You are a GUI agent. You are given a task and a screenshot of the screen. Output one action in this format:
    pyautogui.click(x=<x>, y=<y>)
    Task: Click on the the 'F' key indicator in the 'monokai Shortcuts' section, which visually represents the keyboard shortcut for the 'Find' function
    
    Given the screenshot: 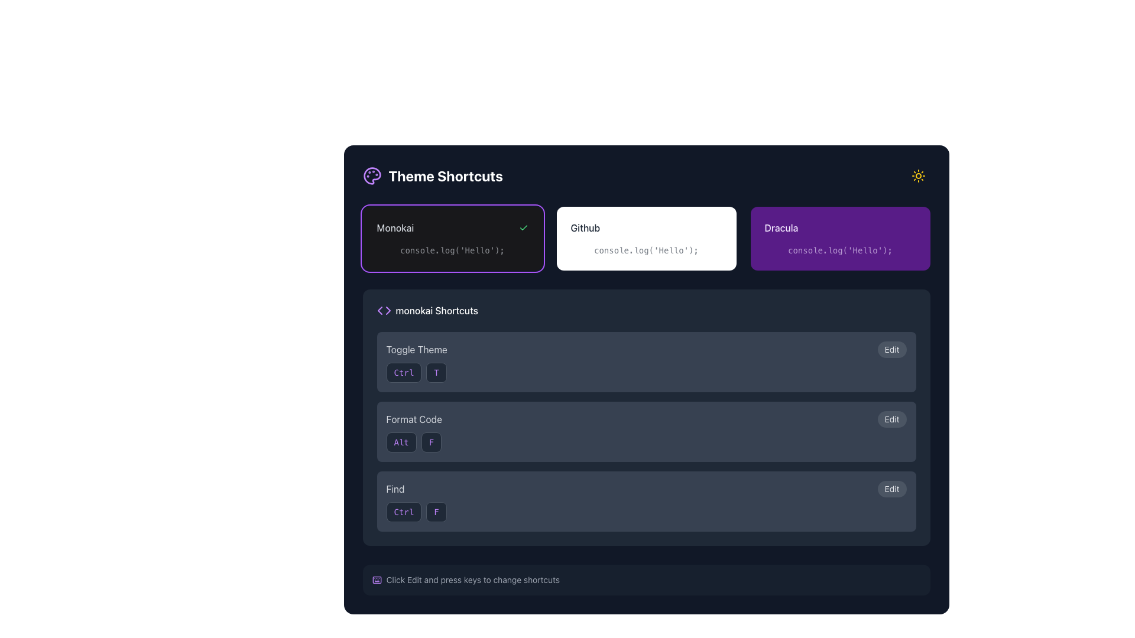 What is the action you would take?
    pyautogui.click(x=436, y=512)
    